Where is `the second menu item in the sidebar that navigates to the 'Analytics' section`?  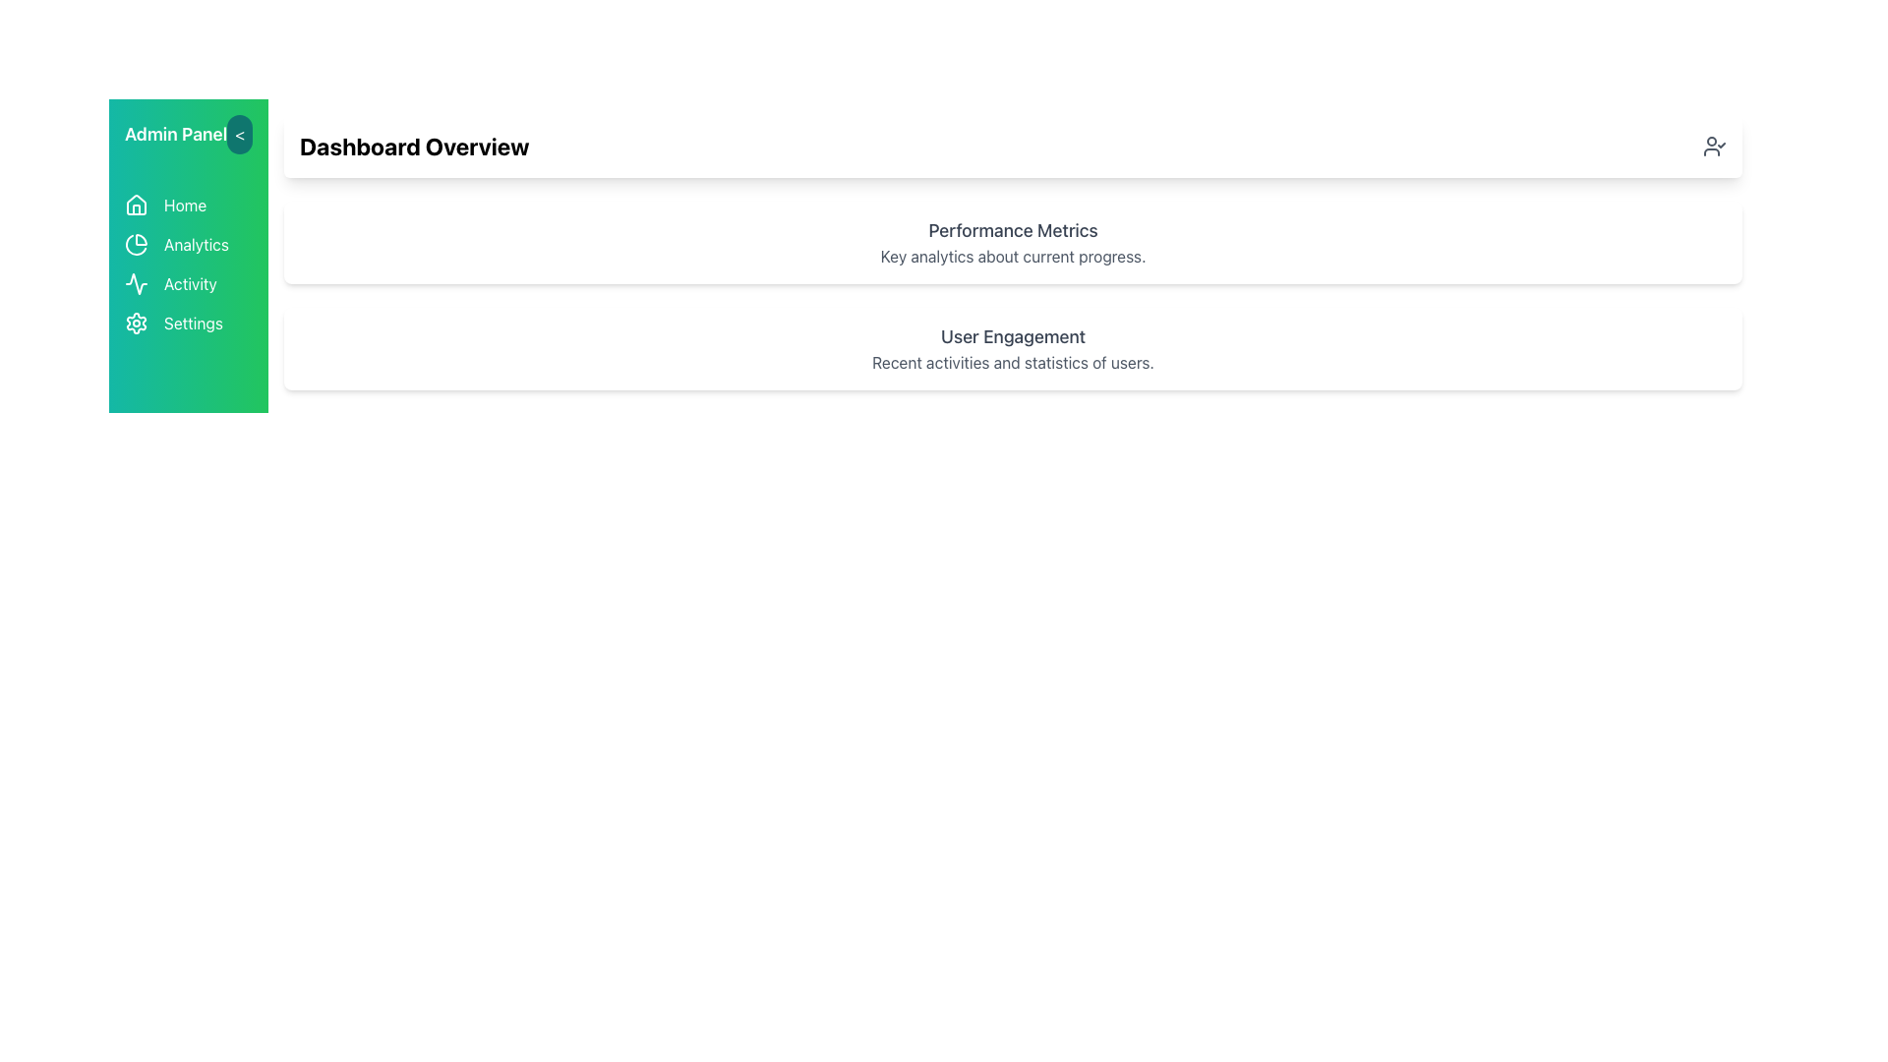 the second menu item in the sidebar that navigates to the 'Analytics' section is located at coordinates (189, 244).